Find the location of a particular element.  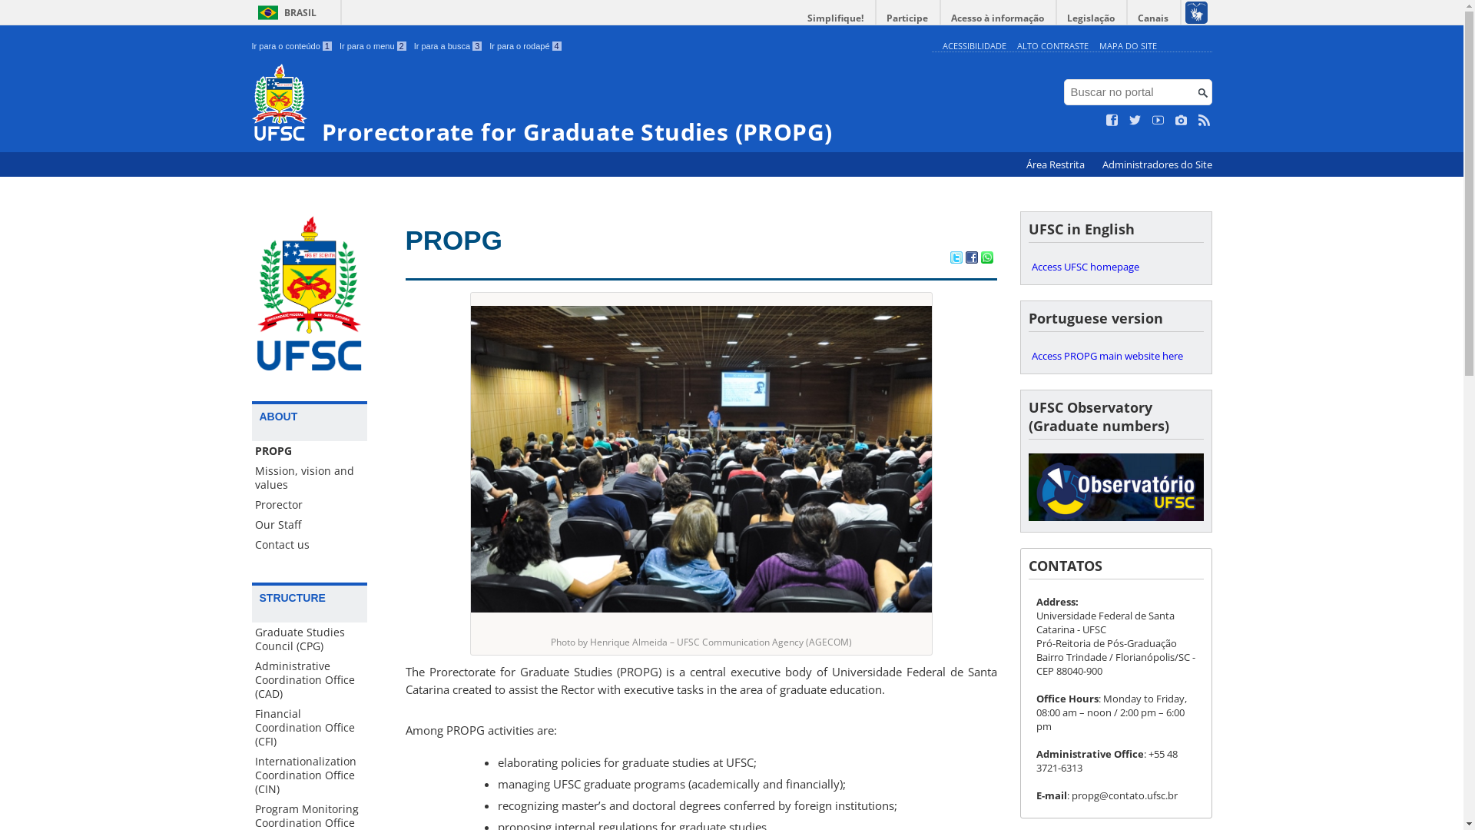

'Mission, vision and values' is located at coordinates (309, 476).